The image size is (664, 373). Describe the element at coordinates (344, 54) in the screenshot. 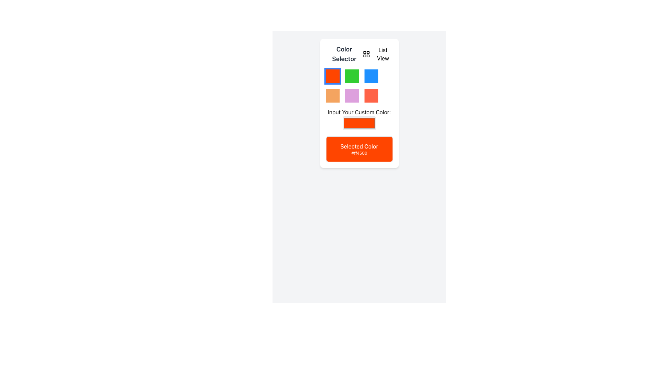

I see `the 'Color Selector' text label, which is styled in bold dark gray and positioned at the top-left corner of its card-like layout` at that location.